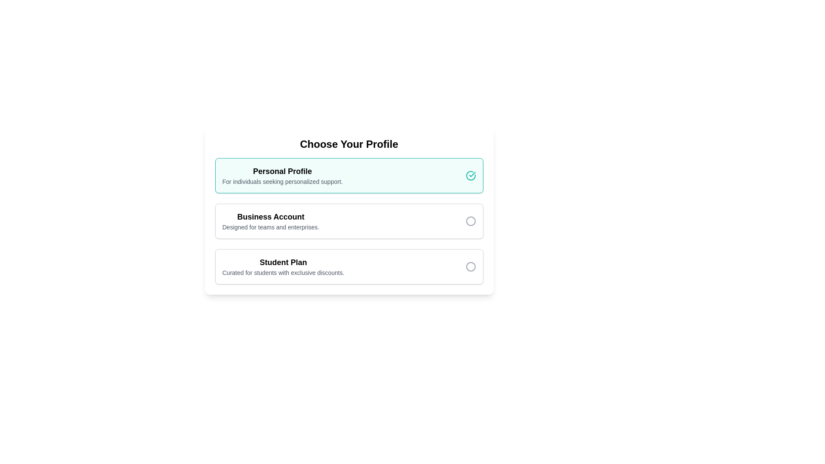  I want to click on the visual state of the circular SVG graphic that serves as part of the checkbox for the 'Student Plan' option, which is distinguished by its light gray stroke and unfilled appearance, so click(470, 266).